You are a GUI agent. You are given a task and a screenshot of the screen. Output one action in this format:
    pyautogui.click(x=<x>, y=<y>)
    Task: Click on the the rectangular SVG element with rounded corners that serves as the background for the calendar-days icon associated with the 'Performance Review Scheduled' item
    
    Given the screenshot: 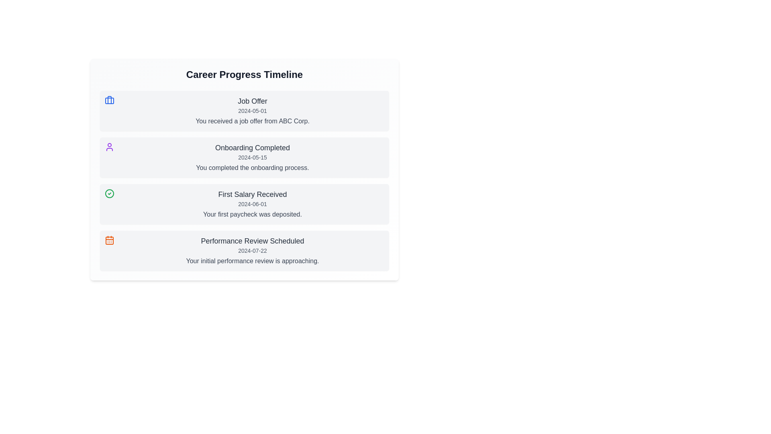 What is the action you would take?
    pyautogui.click(x=109, y=240)
    